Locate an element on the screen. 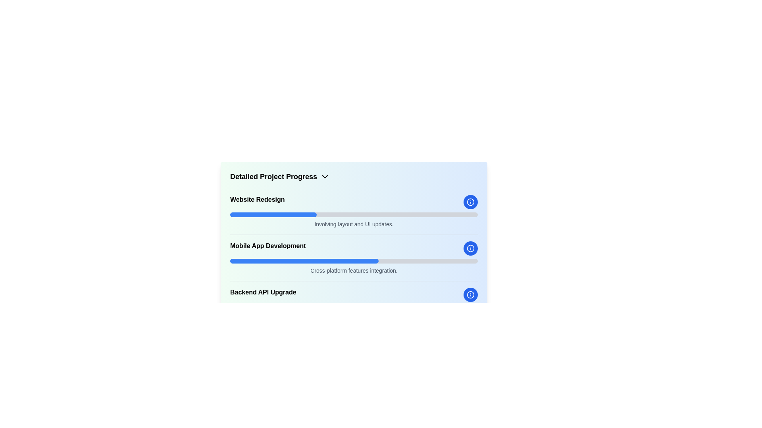  the static display of the circular blue icon with a stroke outline located at the rightmost side of the 'Backend API Upgrade' section in the last row of the list interface is located at coordinates (470, 295).